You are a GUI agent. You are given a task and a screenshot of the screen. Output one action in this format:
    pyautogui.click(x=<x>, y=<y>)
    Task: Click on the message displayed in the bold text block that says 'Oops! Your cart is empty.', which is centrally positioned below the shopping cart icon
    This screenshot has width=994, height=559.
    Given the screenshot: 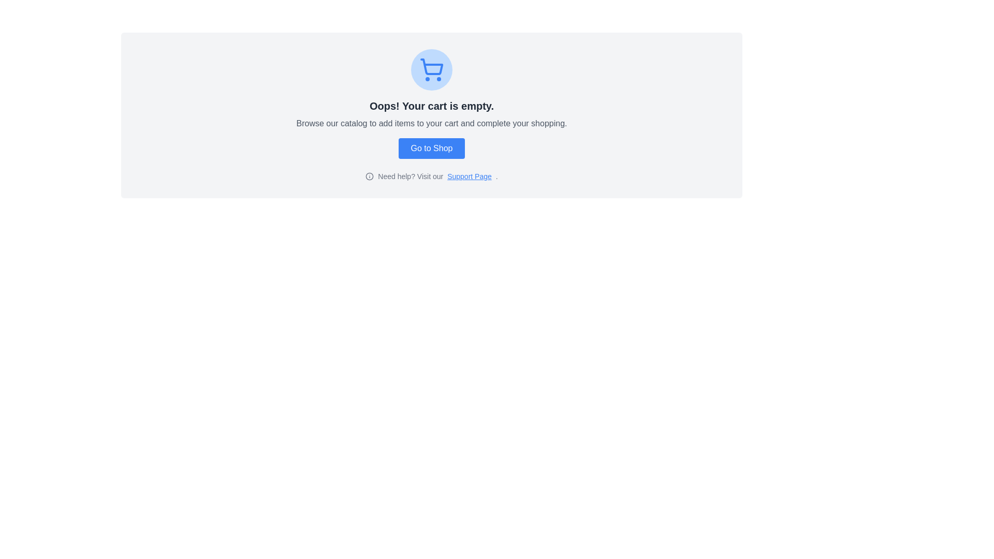 What is the action you would take?
    pyautogui.click(x=432, y=106)
    